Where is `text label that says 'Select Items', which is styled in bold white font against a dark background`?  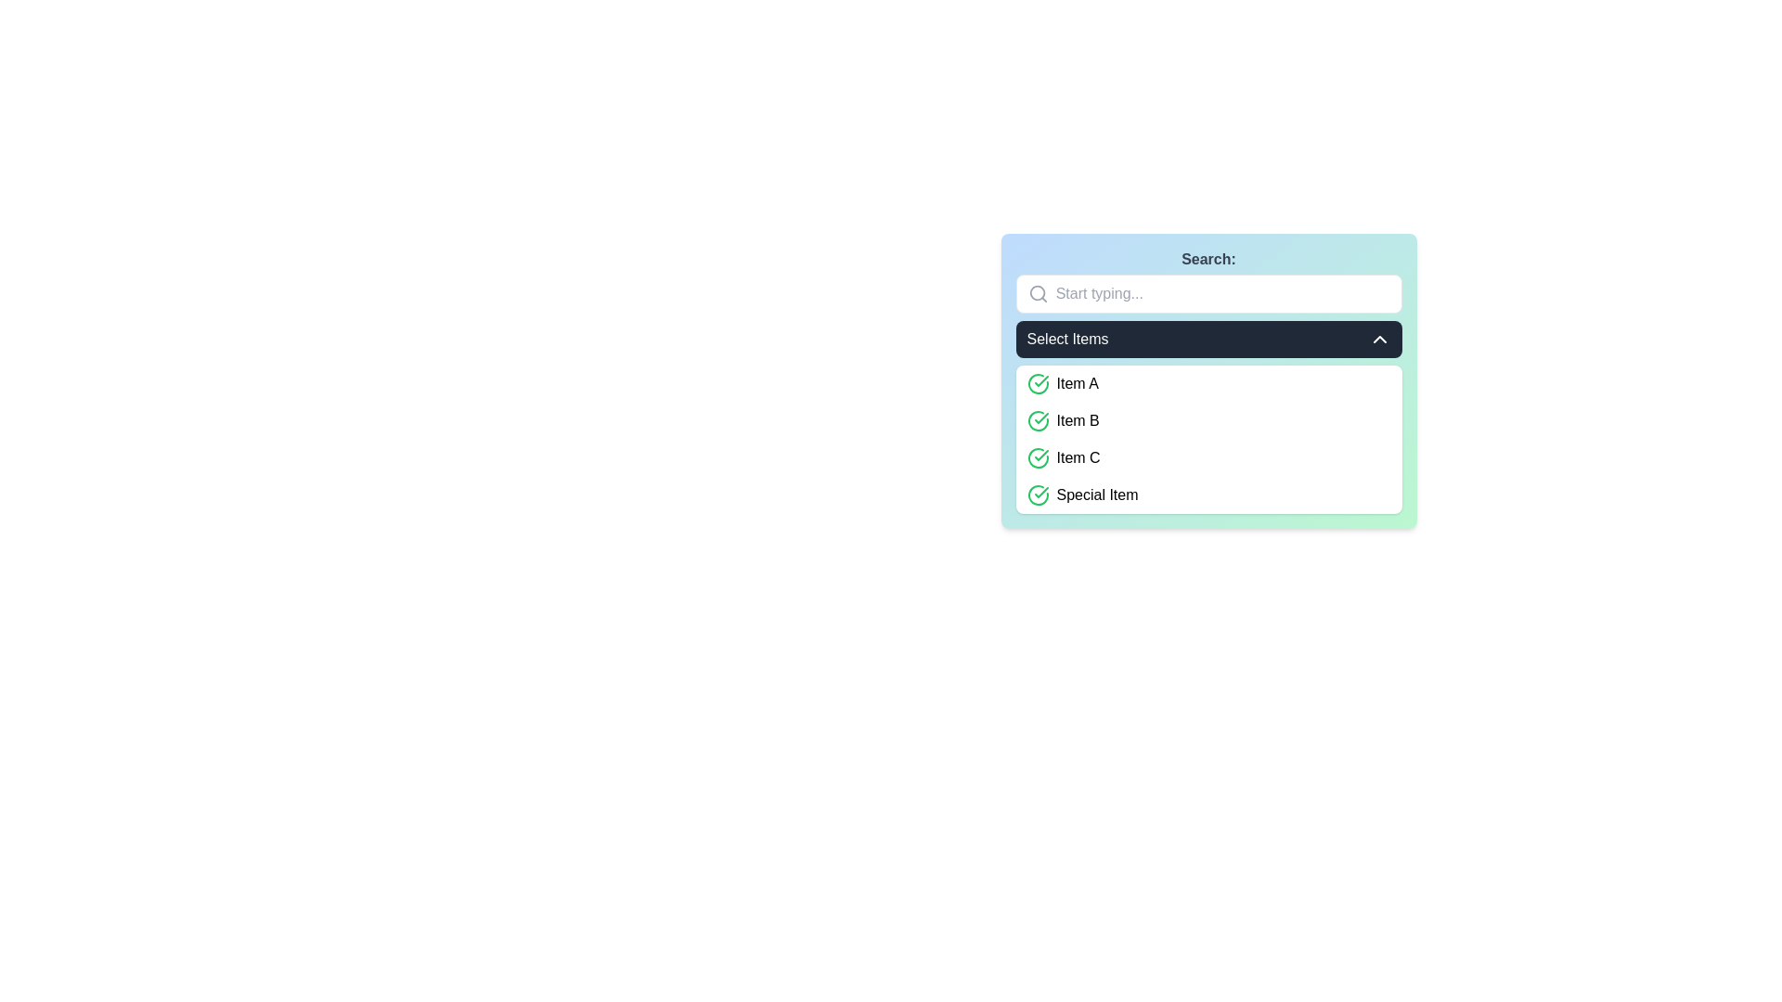 text label that says 'Select Items', which is styled in bold white font against a dark background is located at coordinates (1067, 340).